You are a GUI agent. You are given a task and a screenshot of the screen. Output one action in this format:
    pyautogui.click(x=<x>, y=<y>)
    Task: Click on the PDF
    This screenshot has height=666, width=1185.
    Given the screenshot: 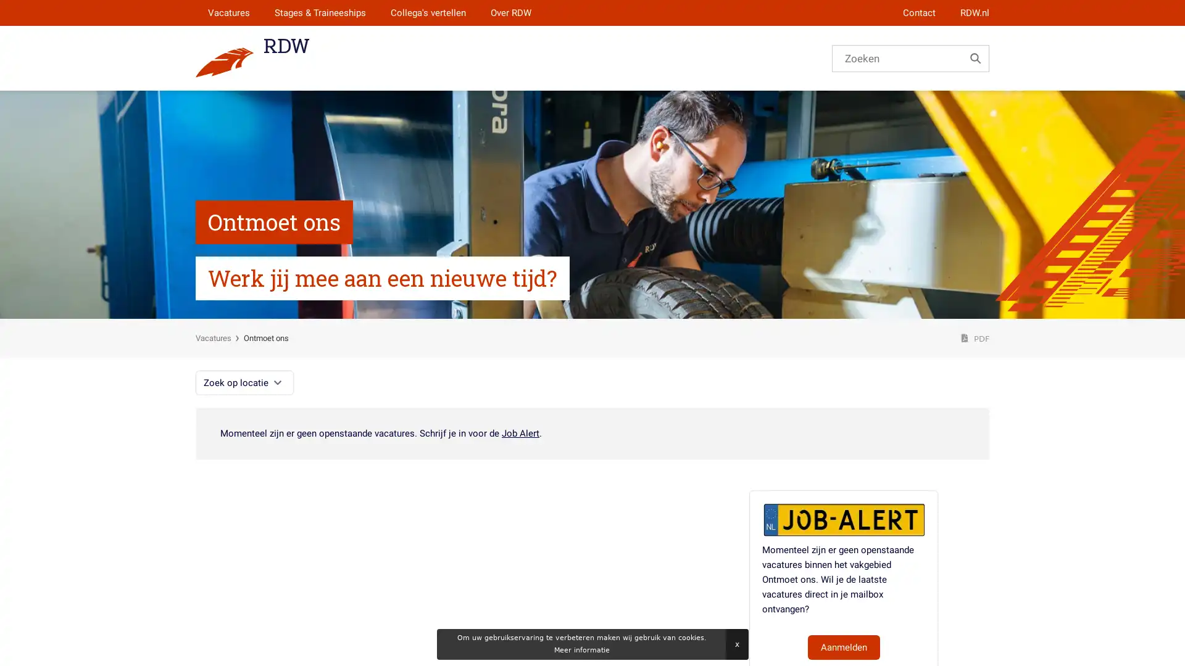 What is the action you would take?
    pyautogui.click(x=975, y=338)
    